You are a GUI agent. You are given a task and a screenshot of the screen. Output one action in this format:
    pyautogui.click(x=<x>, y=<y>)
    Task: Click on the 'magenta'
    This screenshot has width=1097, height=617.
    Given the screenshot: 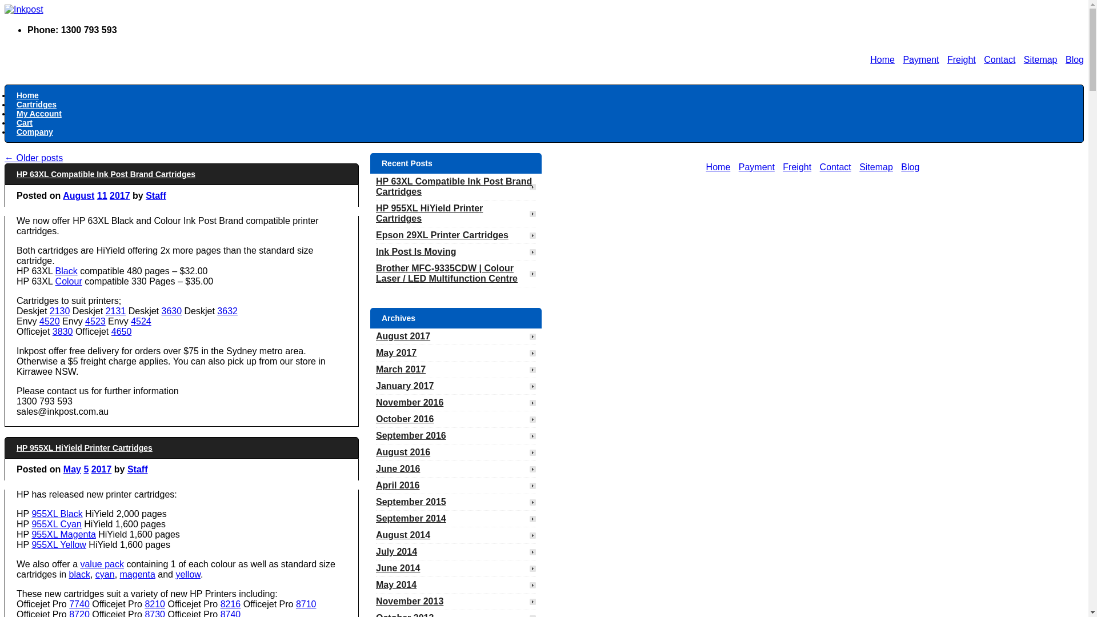 What is the action you would take?
    pyautogui.click(x=137, y=574)
    